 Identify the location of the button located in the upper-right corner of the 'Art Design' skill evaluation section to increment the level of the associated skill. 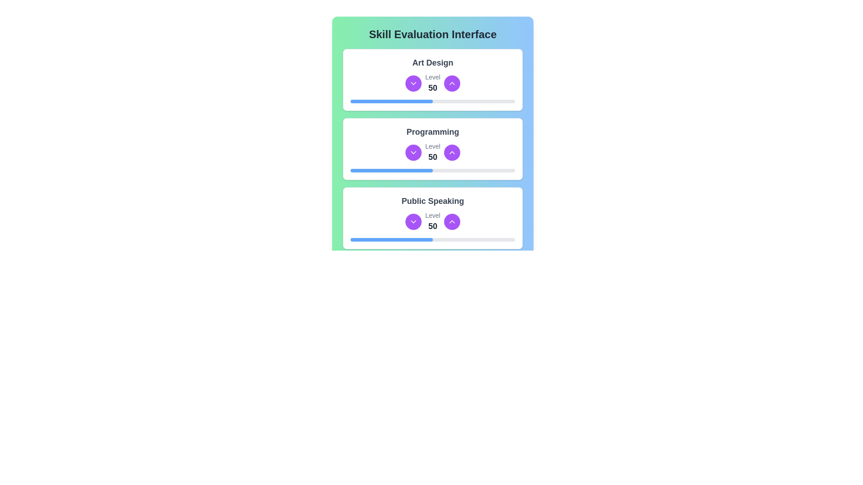
(452, 83).